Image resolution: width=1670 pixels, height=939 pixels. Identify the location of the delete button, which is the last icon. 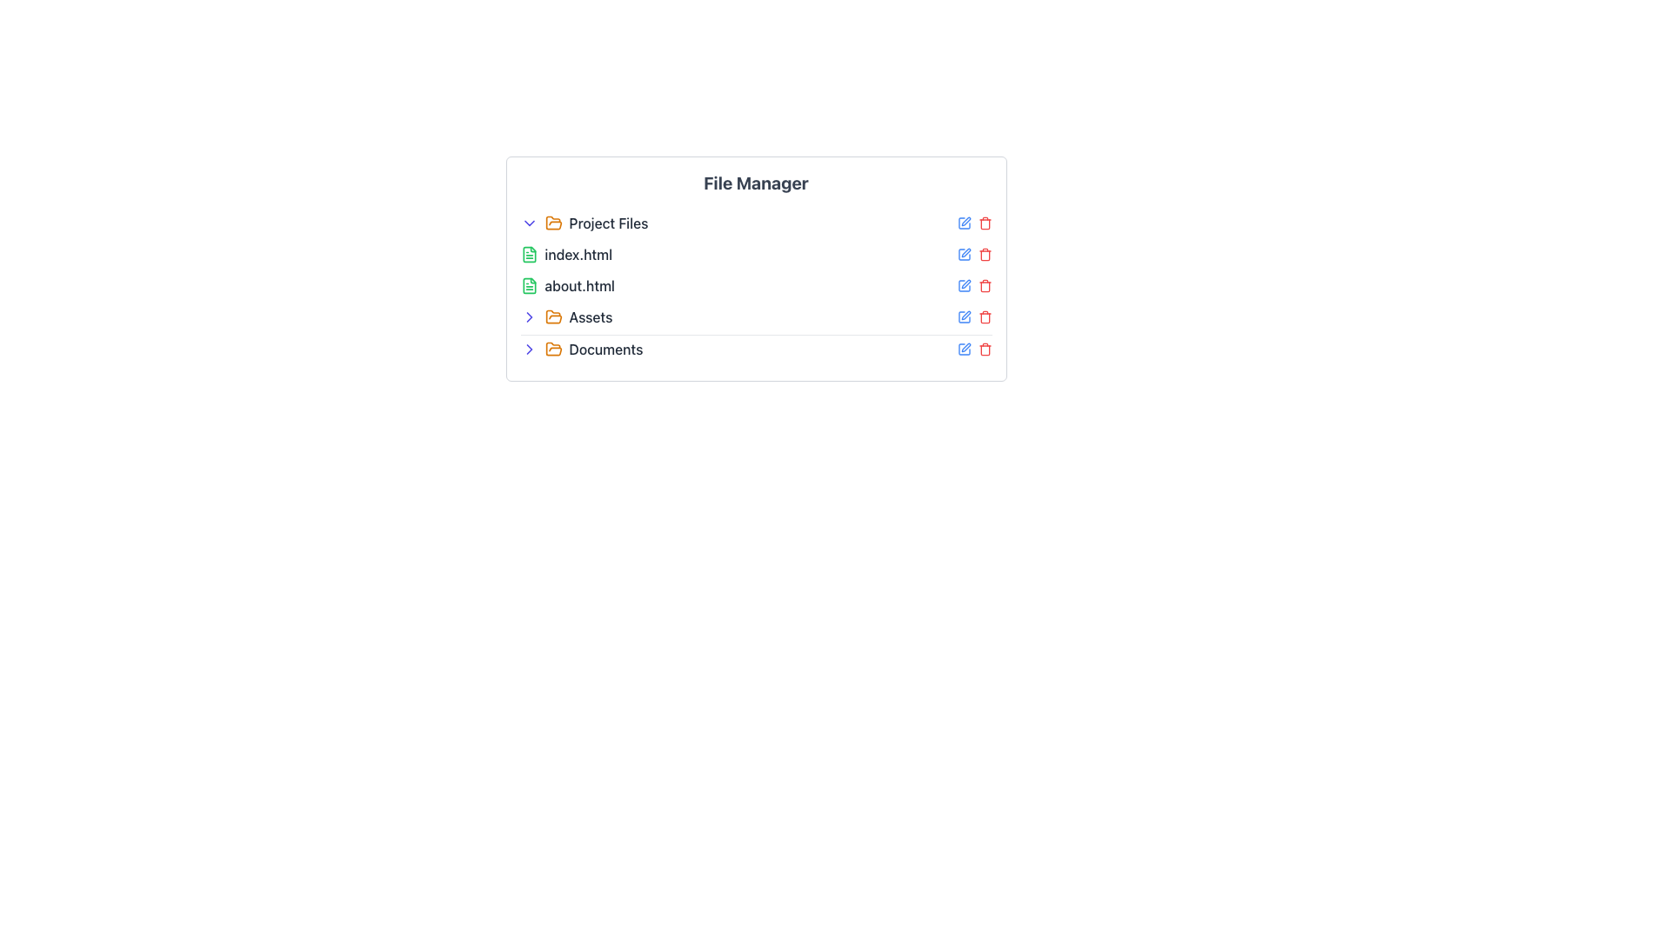
(985, 255).